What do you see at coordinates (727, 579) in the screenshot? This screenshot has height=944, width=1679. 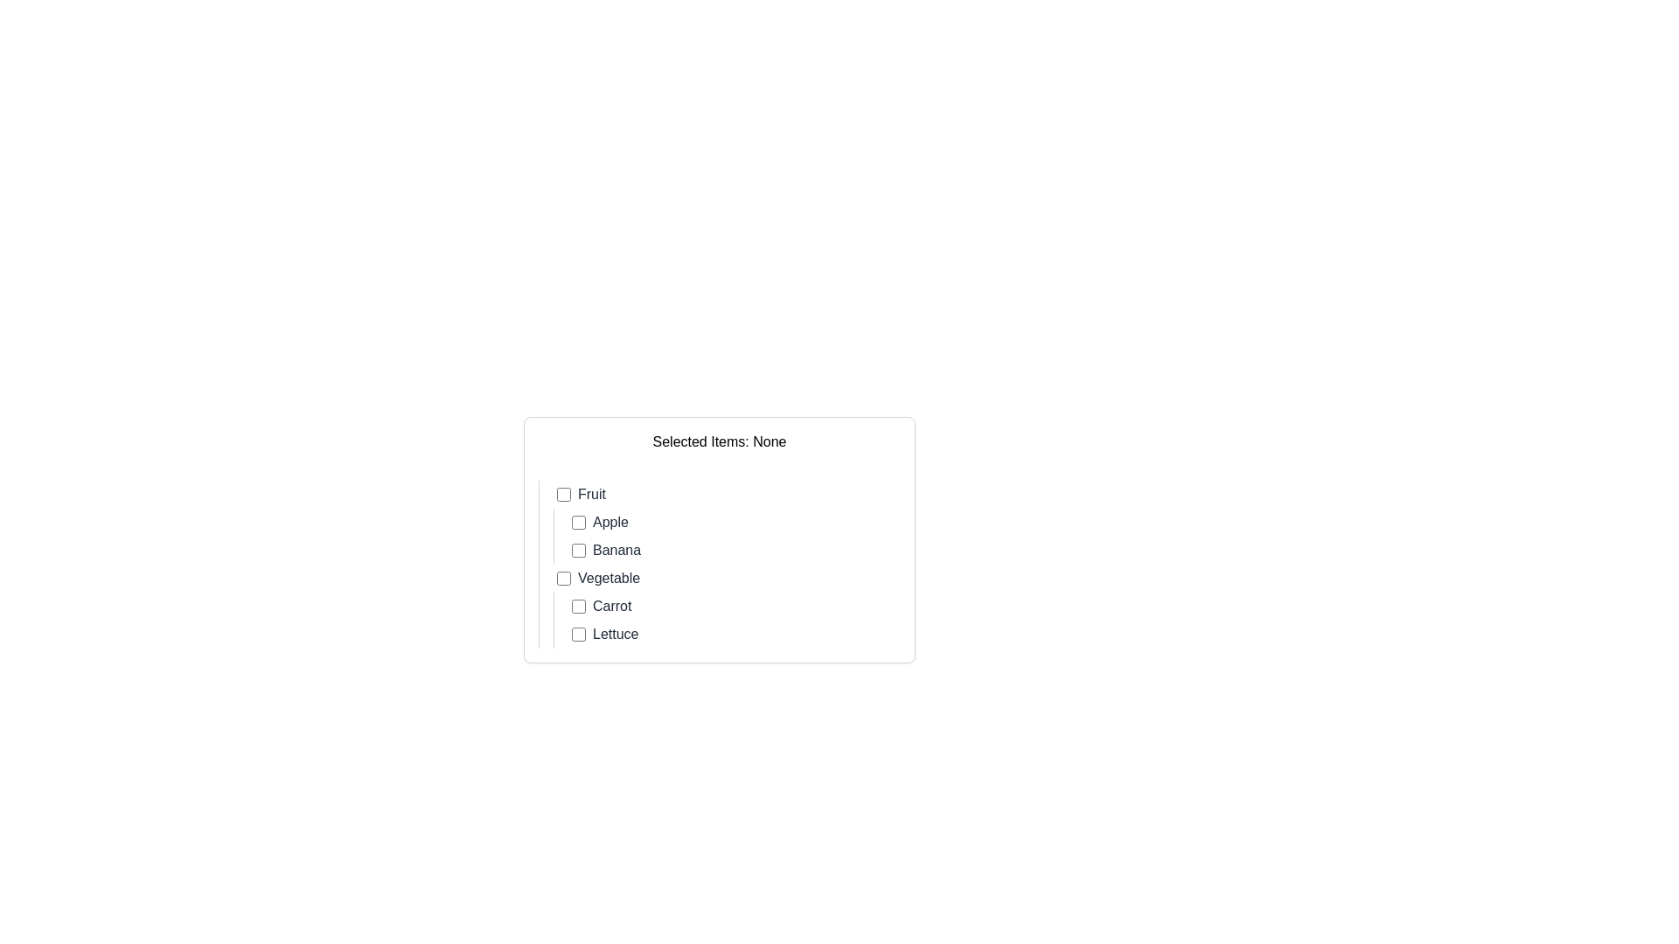 I see `the 'Vegetable' checkbox option selector` at bounding box center [727, 579].